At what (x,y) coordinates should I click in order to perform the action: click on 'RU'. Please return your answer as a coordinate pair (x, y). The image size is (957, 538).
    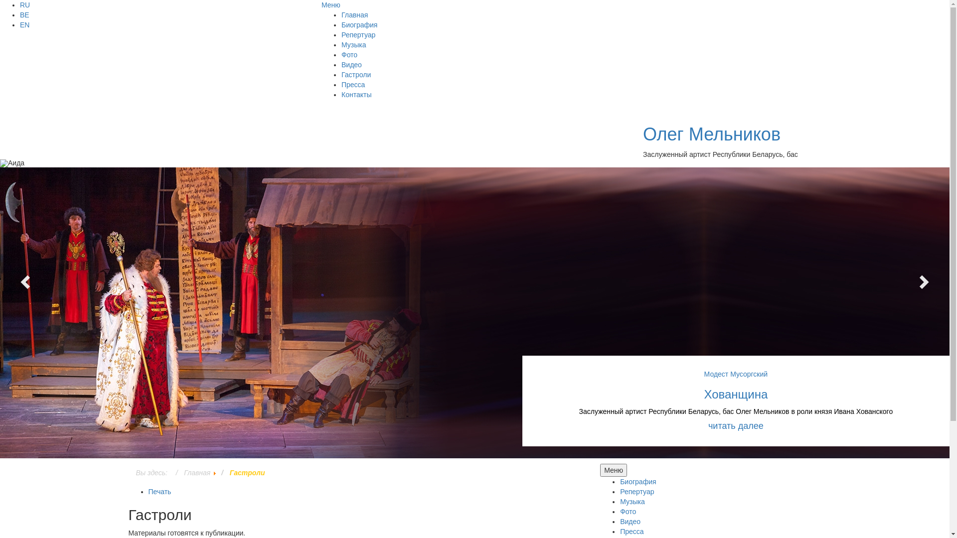
    Looking at the image, I should click on (24, 5).